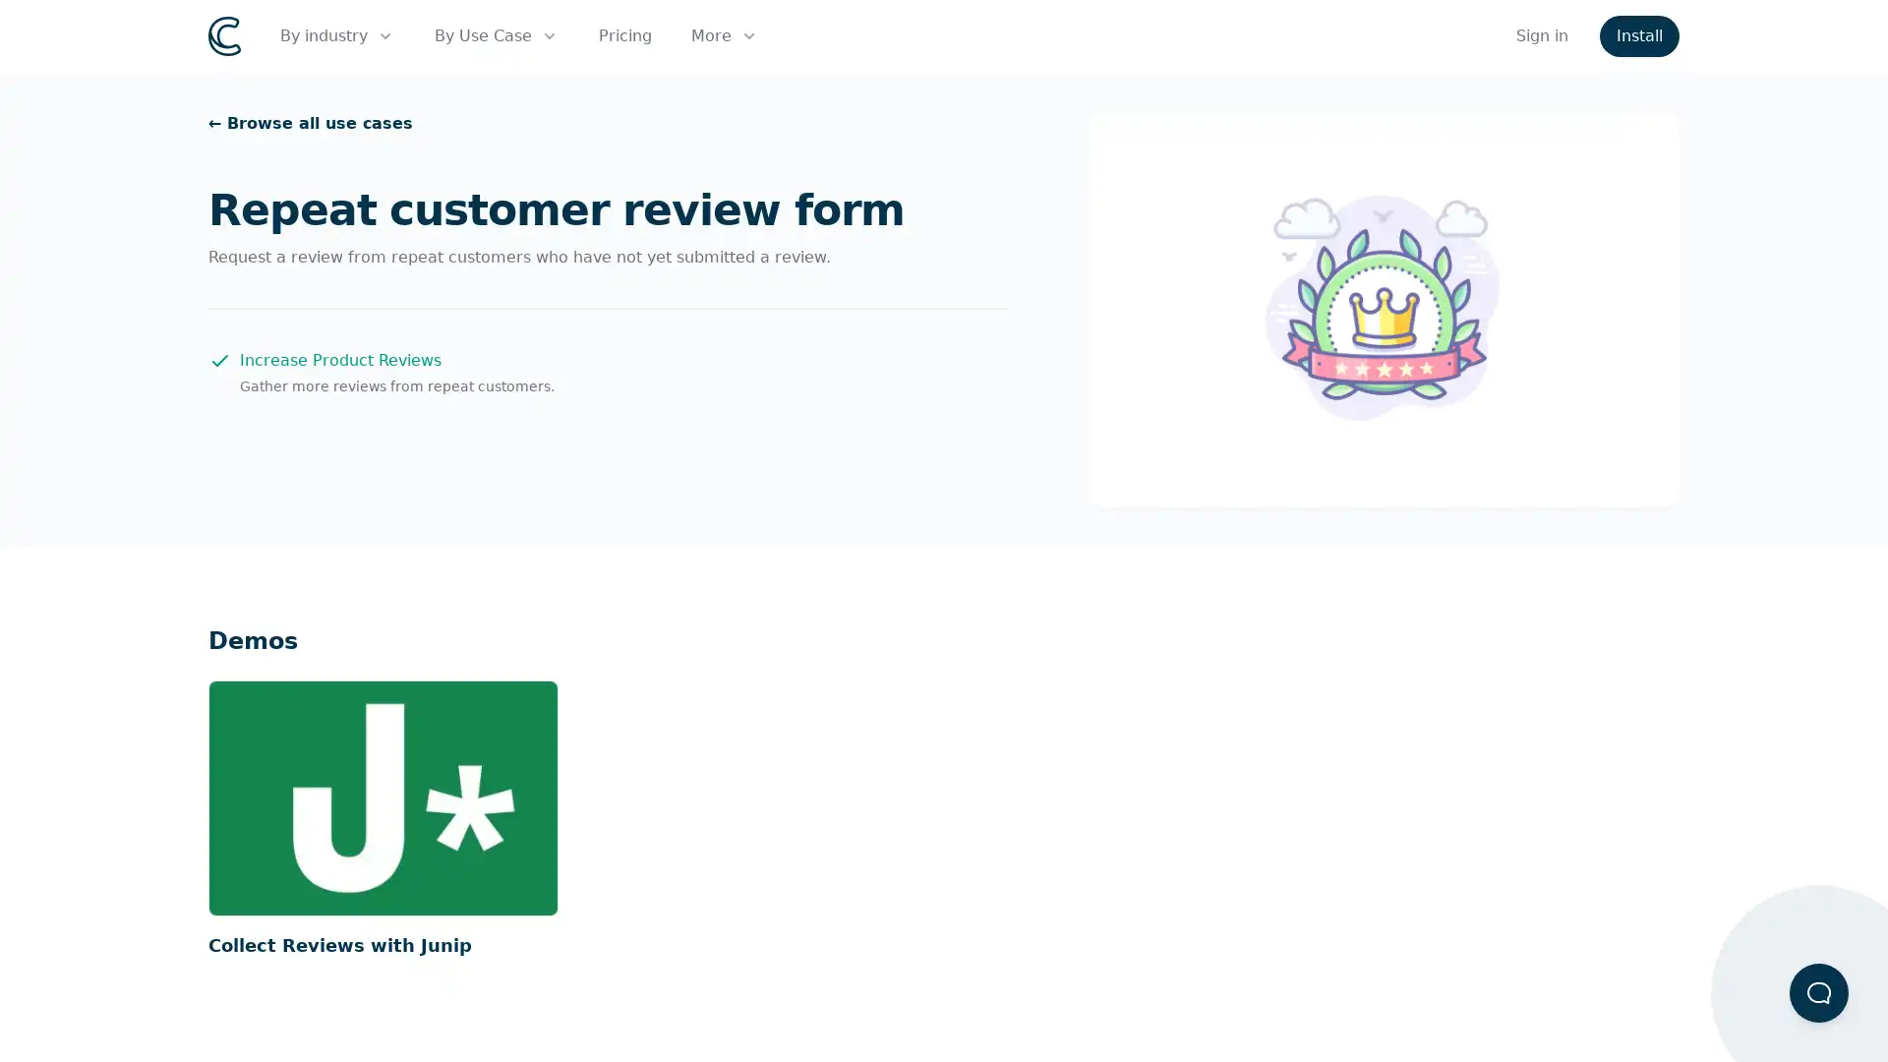 The width and height of the screenshot is (1888, 1062). Describe the element at coordinates (724, 36) in the screenshot. I see `More` at that location.